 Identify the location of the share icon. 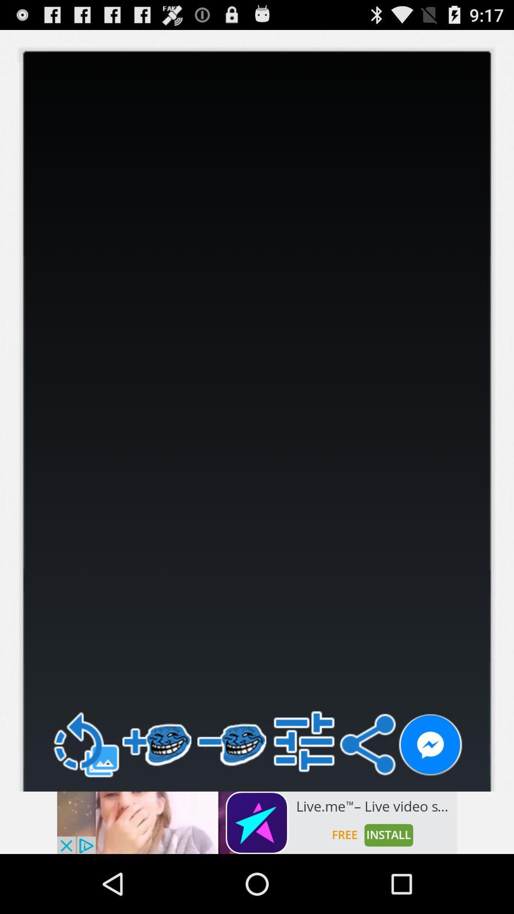
(367, 797).